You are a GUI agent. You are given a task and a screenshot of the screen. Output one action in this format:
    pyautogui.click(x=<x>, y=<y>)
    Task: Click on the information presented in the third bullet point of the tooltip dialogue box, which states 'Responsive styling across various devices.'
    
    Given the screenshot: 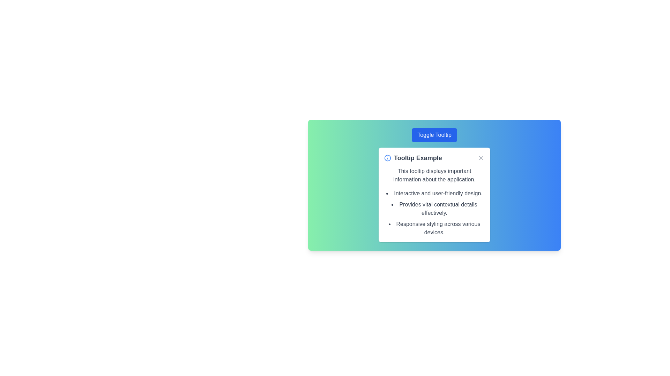 What is the action you would take?
    pyautogui.click(x=434, y=228)
    